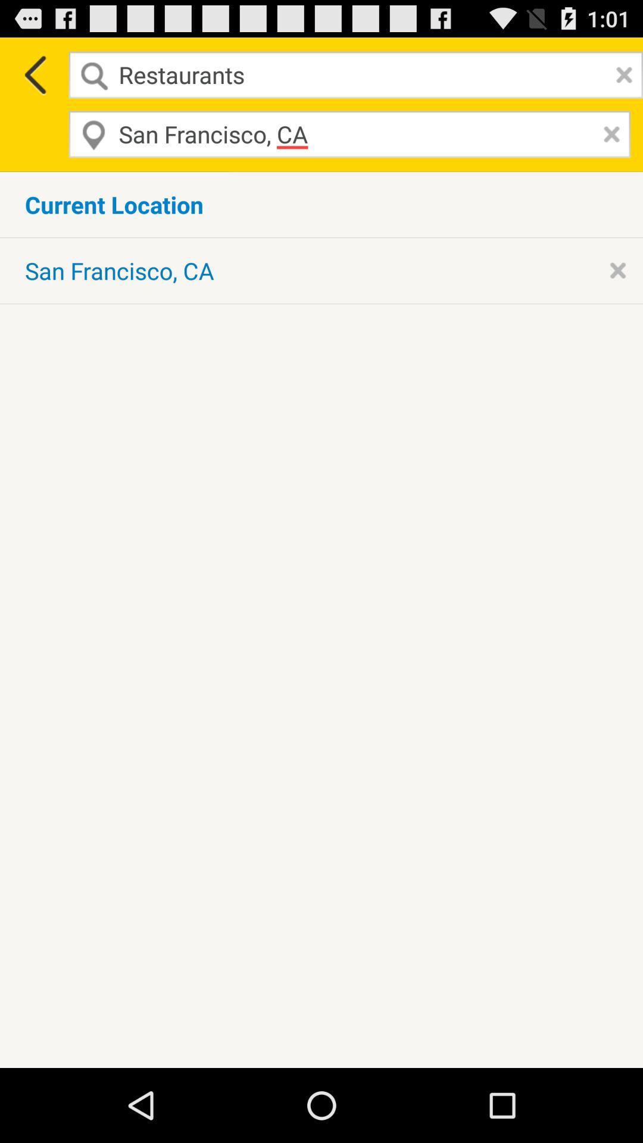  I want to click on the close icon, so click(608, 143).